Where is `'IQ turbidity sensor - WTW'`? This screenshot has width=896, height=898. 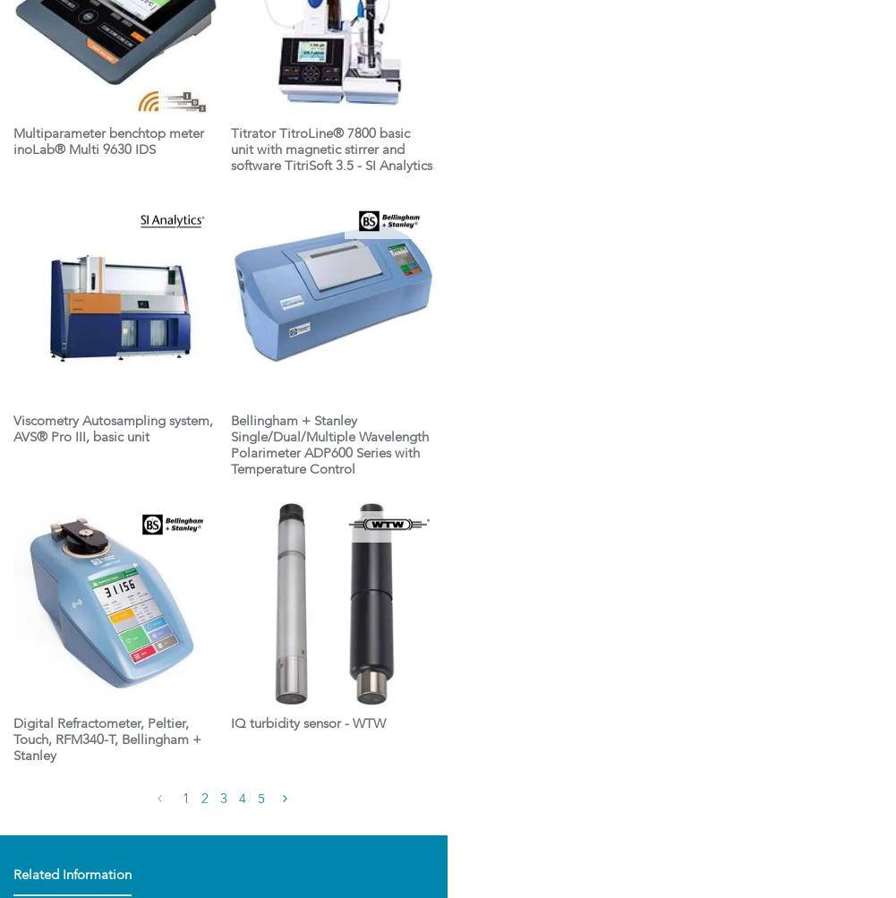
'IQ turbidity sensor - WTW' is located at coordinates (307, 724).